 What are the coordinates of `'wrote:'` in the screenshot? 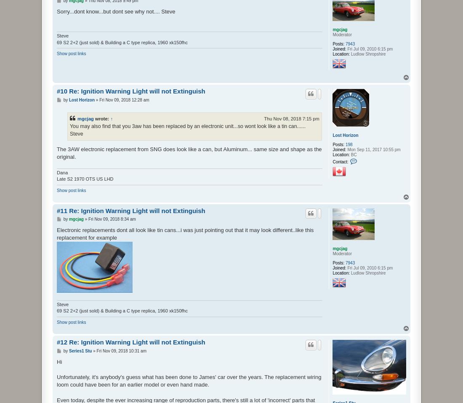 It's located at (102, 117).